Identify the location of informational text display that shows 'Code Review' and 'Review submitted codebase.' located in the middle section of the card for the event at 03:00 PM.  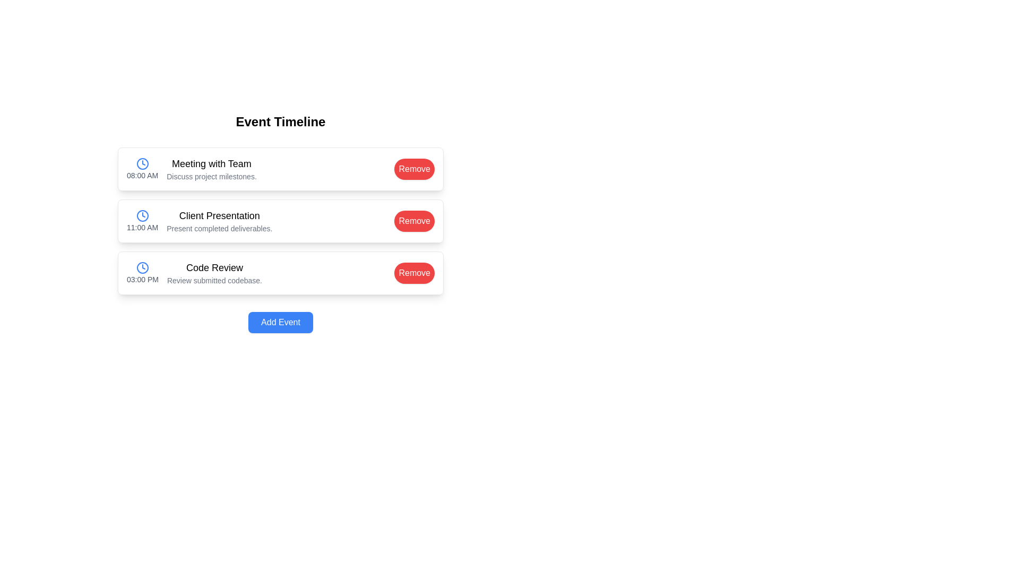
(214, 273).